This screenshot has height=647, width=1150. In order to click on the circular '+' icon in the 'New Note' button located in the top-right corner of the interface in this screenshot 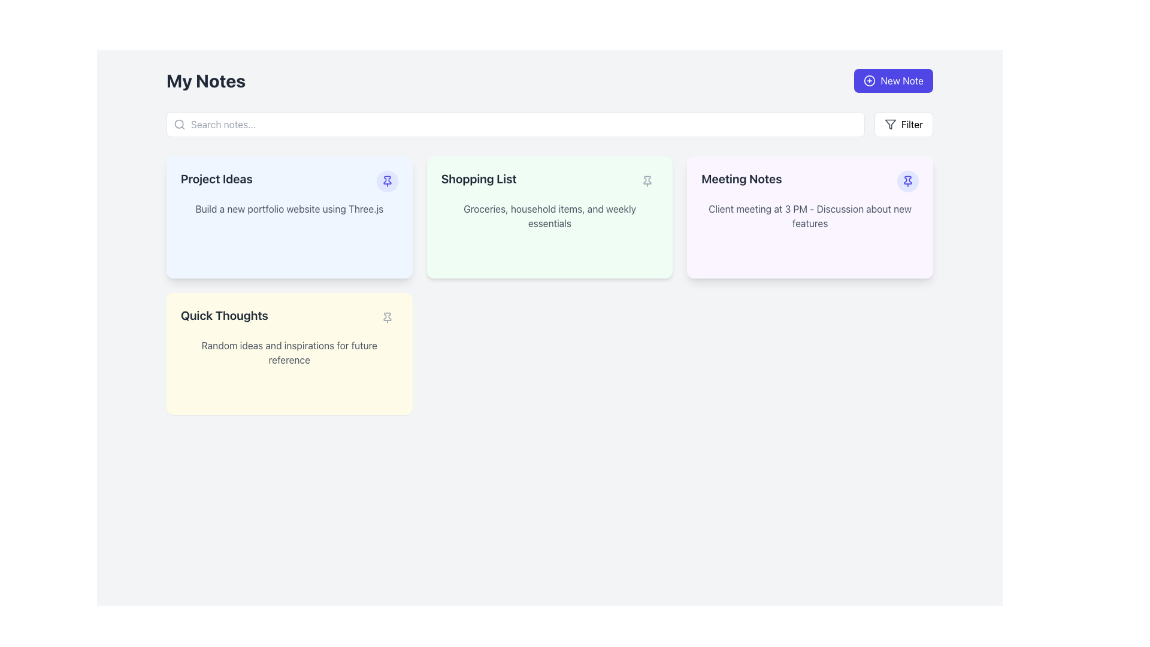, I will do `click(870, 81)`.